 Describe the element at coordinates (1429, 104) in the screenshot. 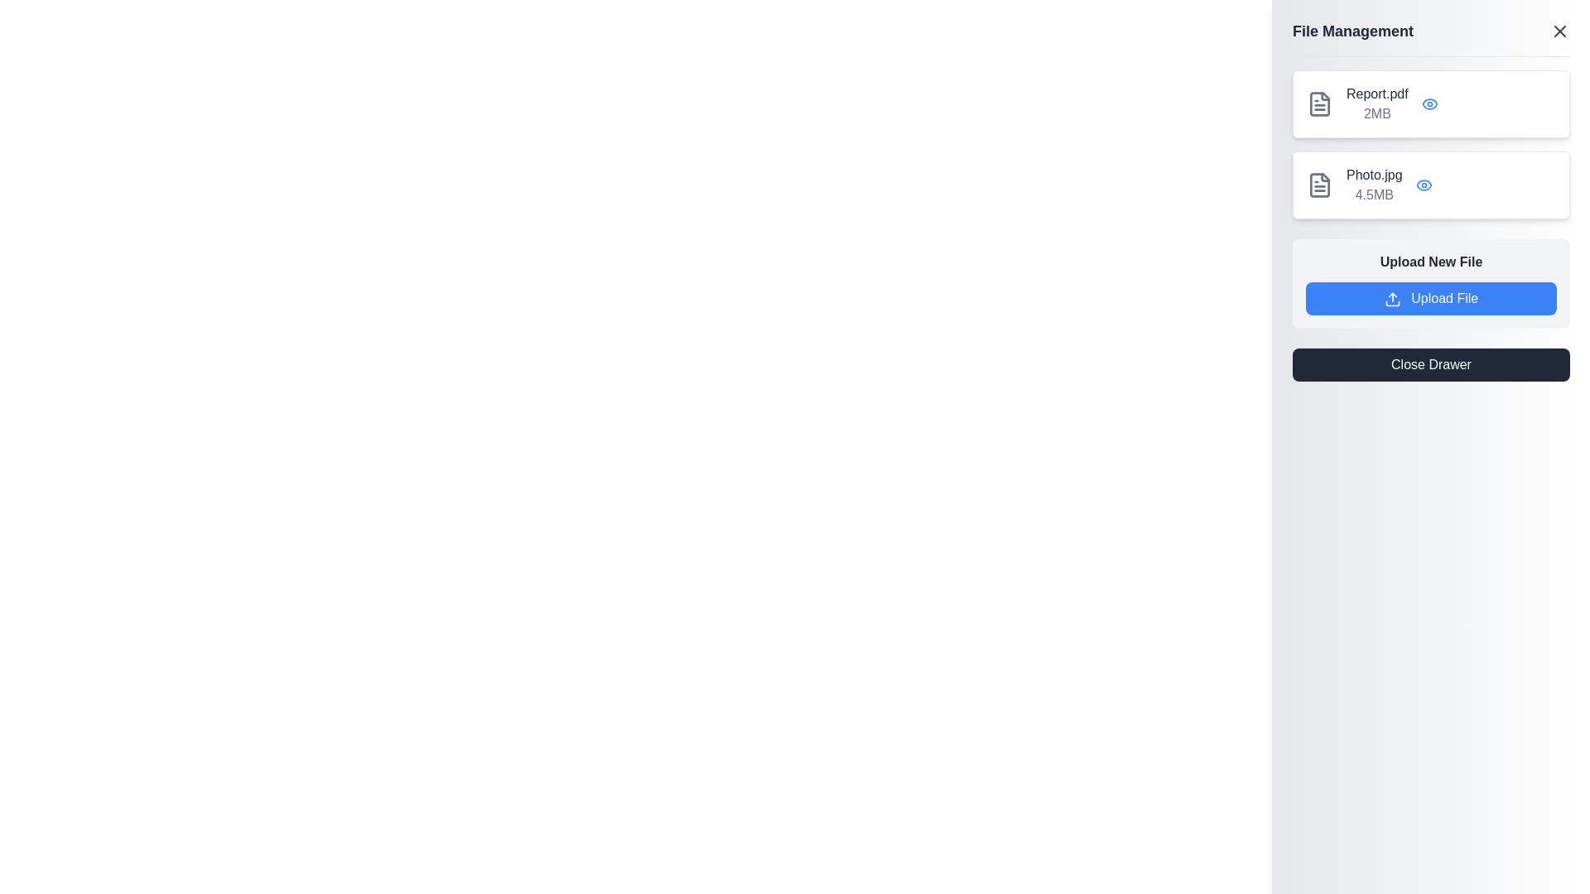

I see `the icon button located to the right of the 'Report.pdf' entry, next to the '2MB' label` at that location.